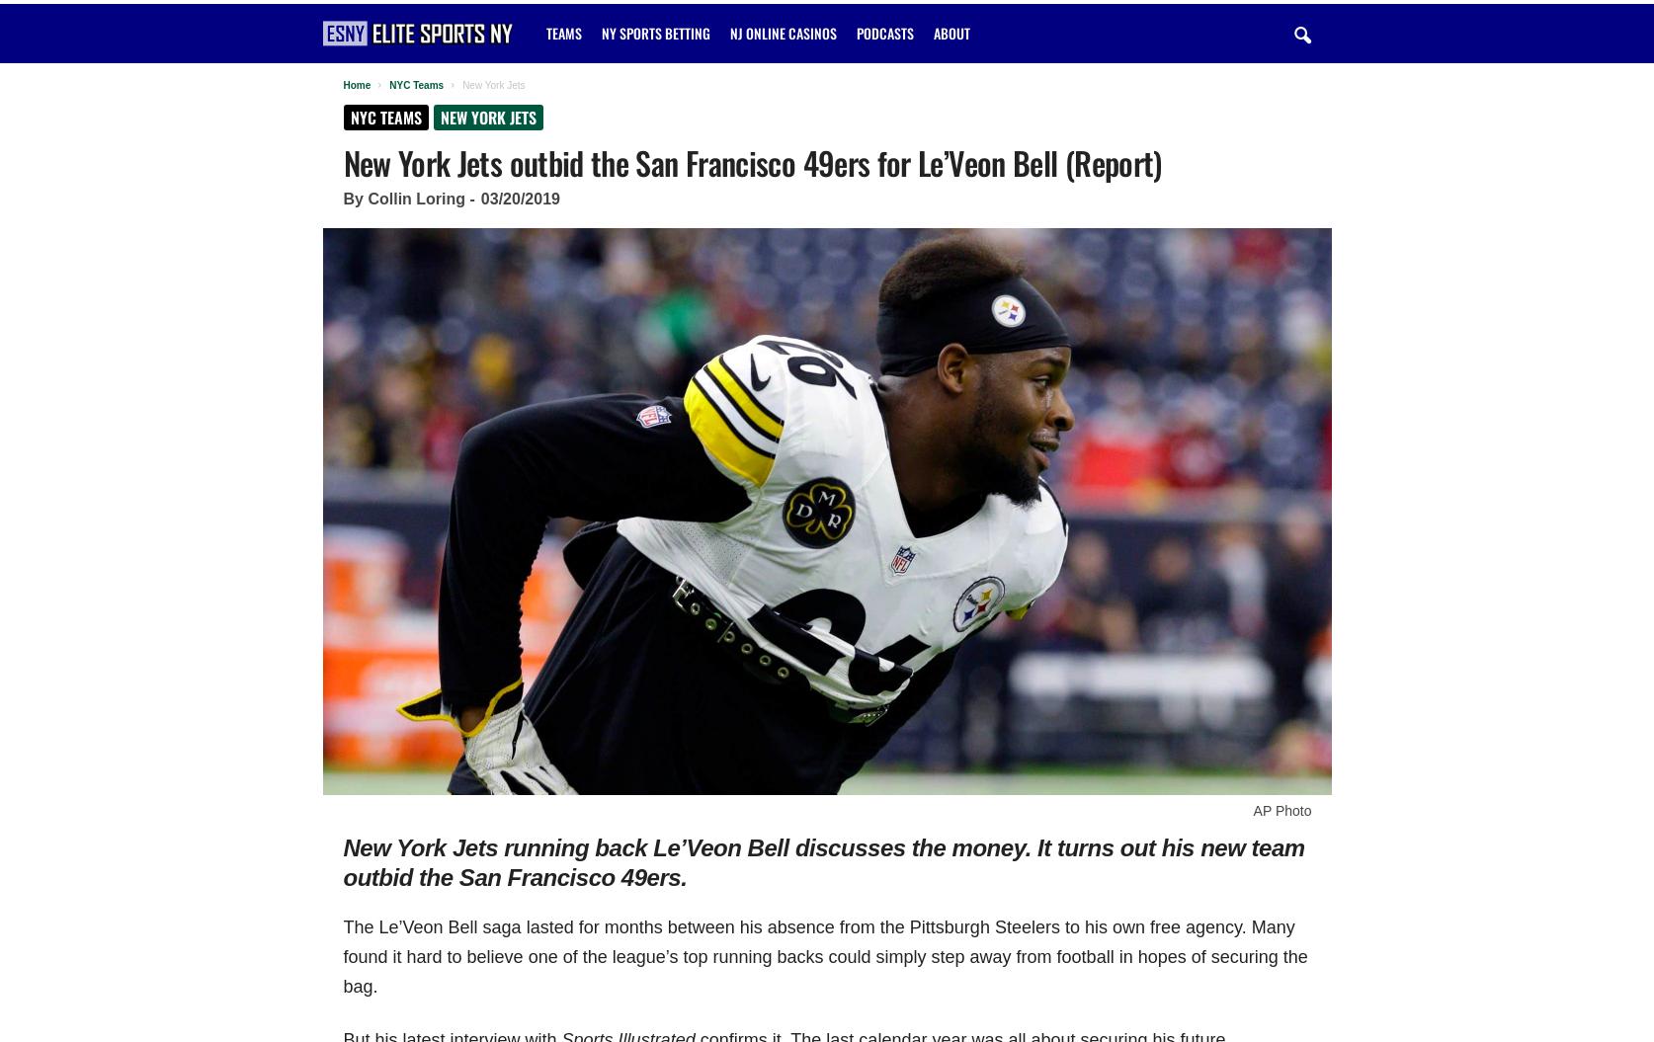 The image size is (1654, 1042). What do you see at coordinates (357, 84) in the screenshot?
I see `'Home'` at bounding box center [357, 84].